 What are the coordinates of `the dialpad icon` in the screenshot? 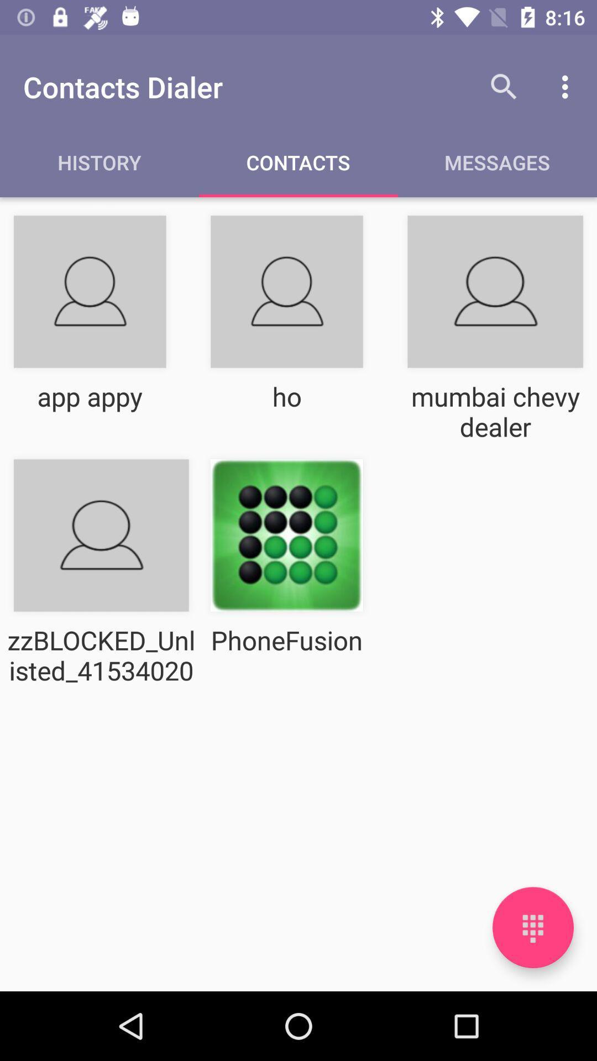 It's located at (532, 927).